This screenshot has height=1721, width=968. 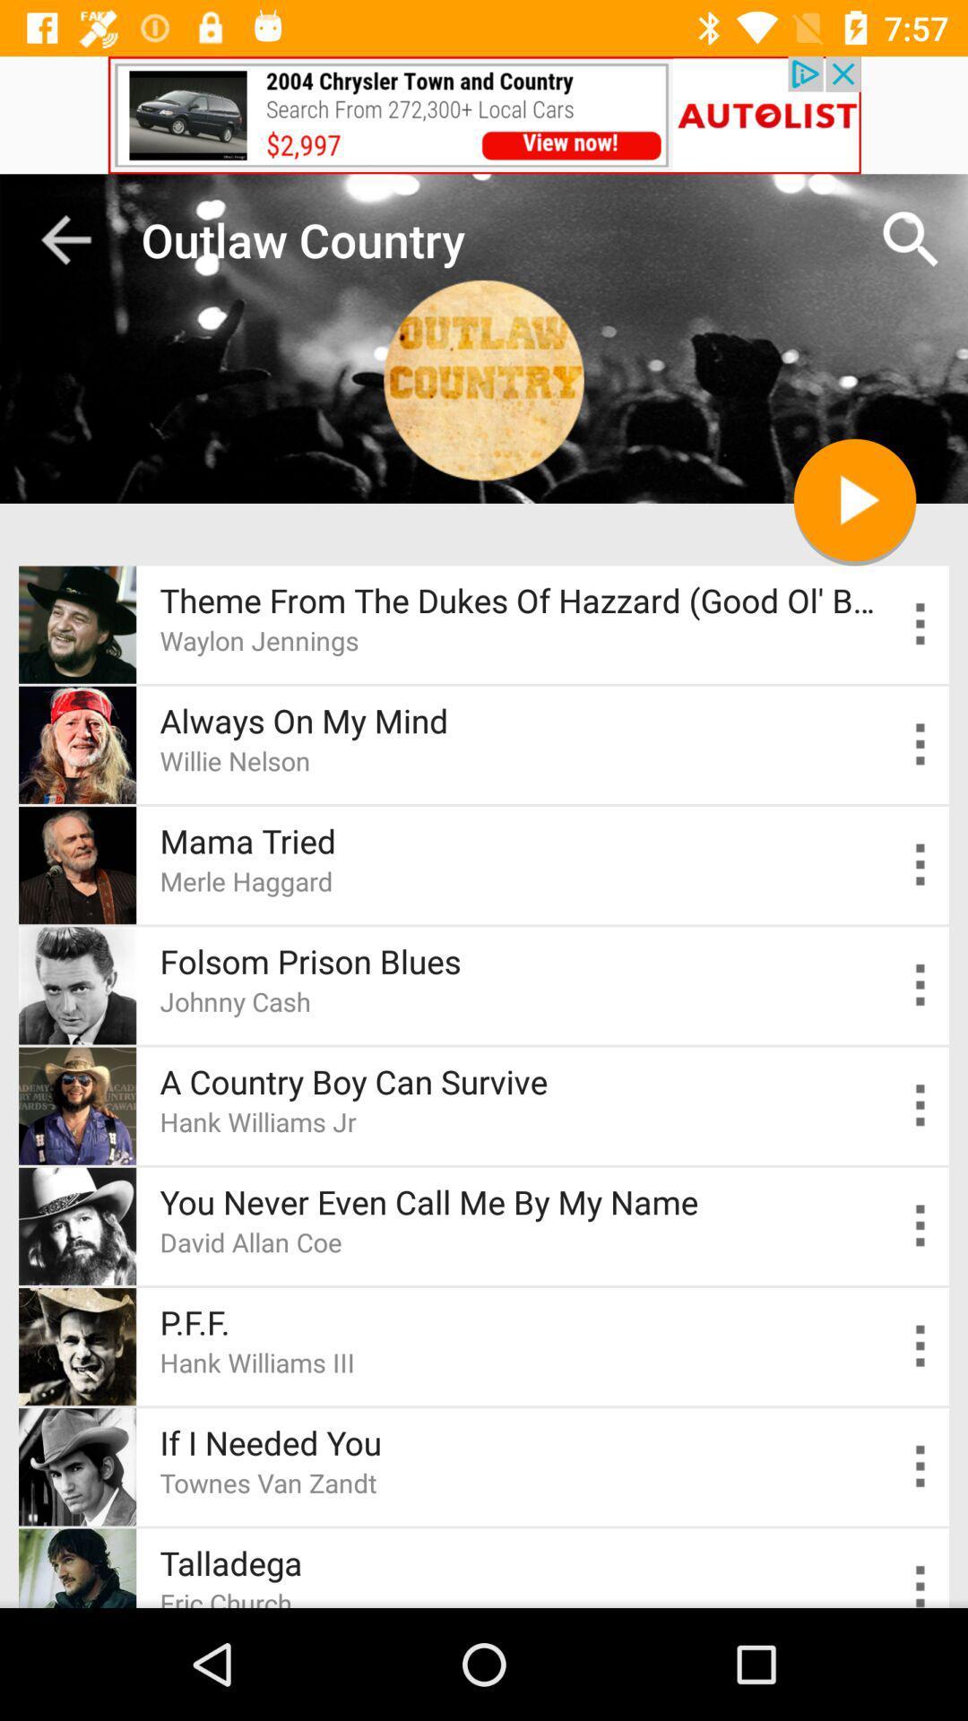 I want to click on more options, so click(x=920, y=1583).